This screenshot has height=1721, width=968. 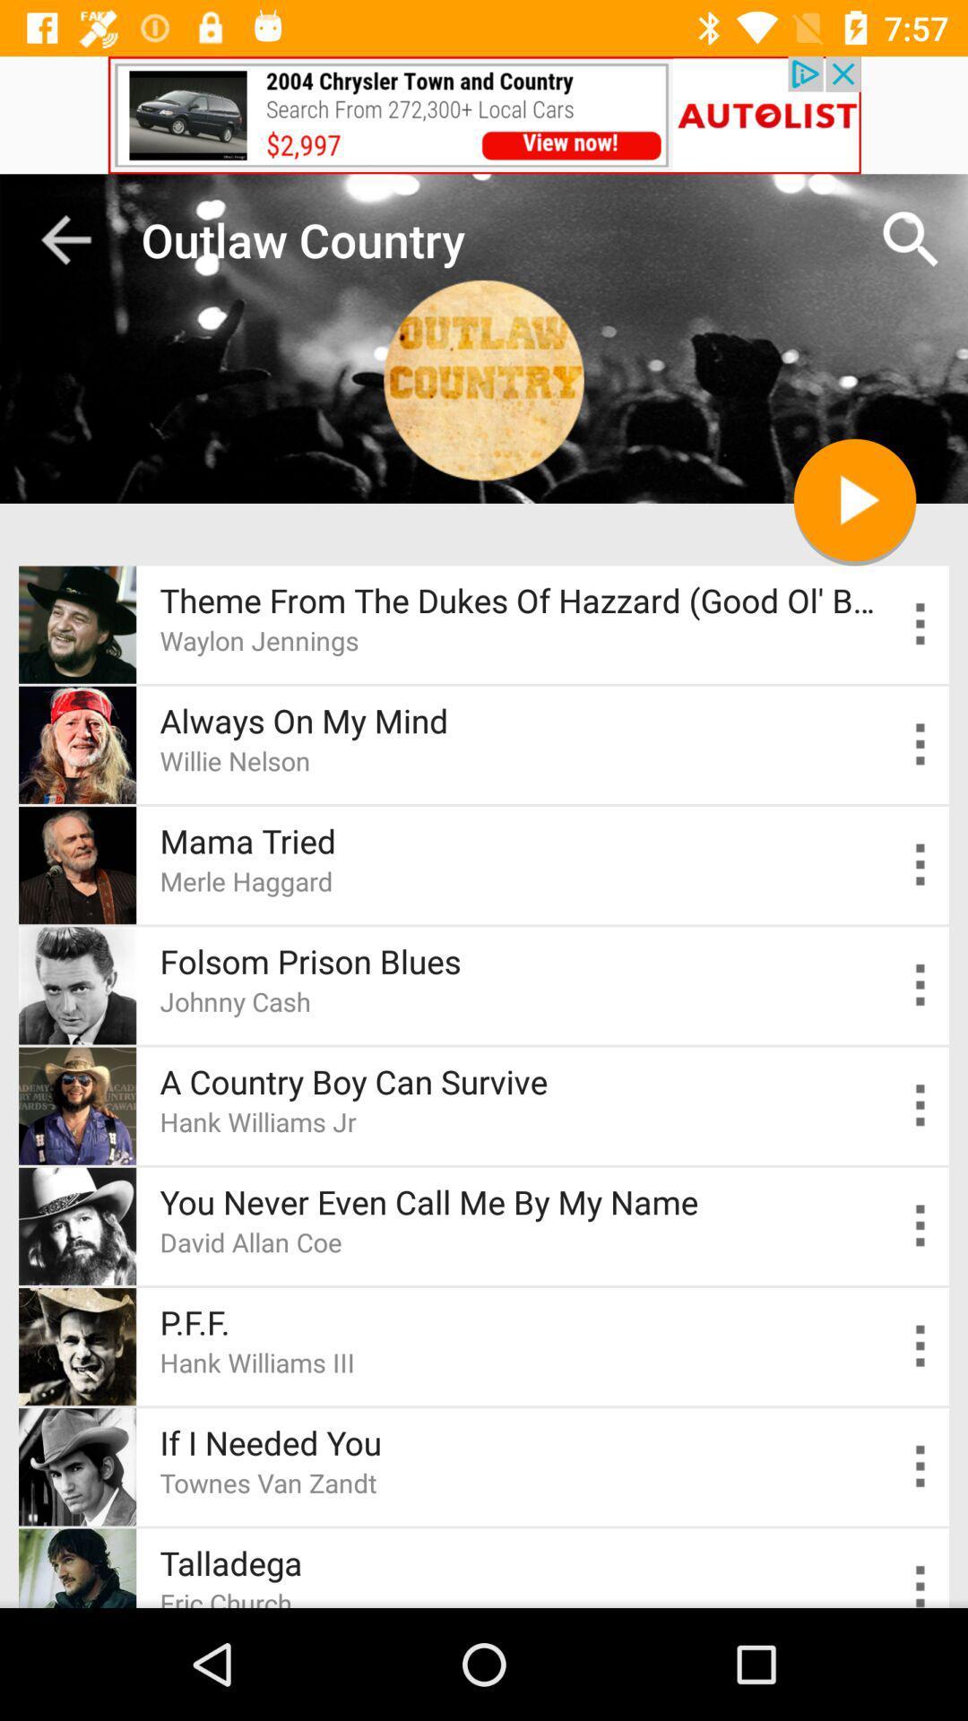 I want to click on more options, so click(x=920, y=1583).